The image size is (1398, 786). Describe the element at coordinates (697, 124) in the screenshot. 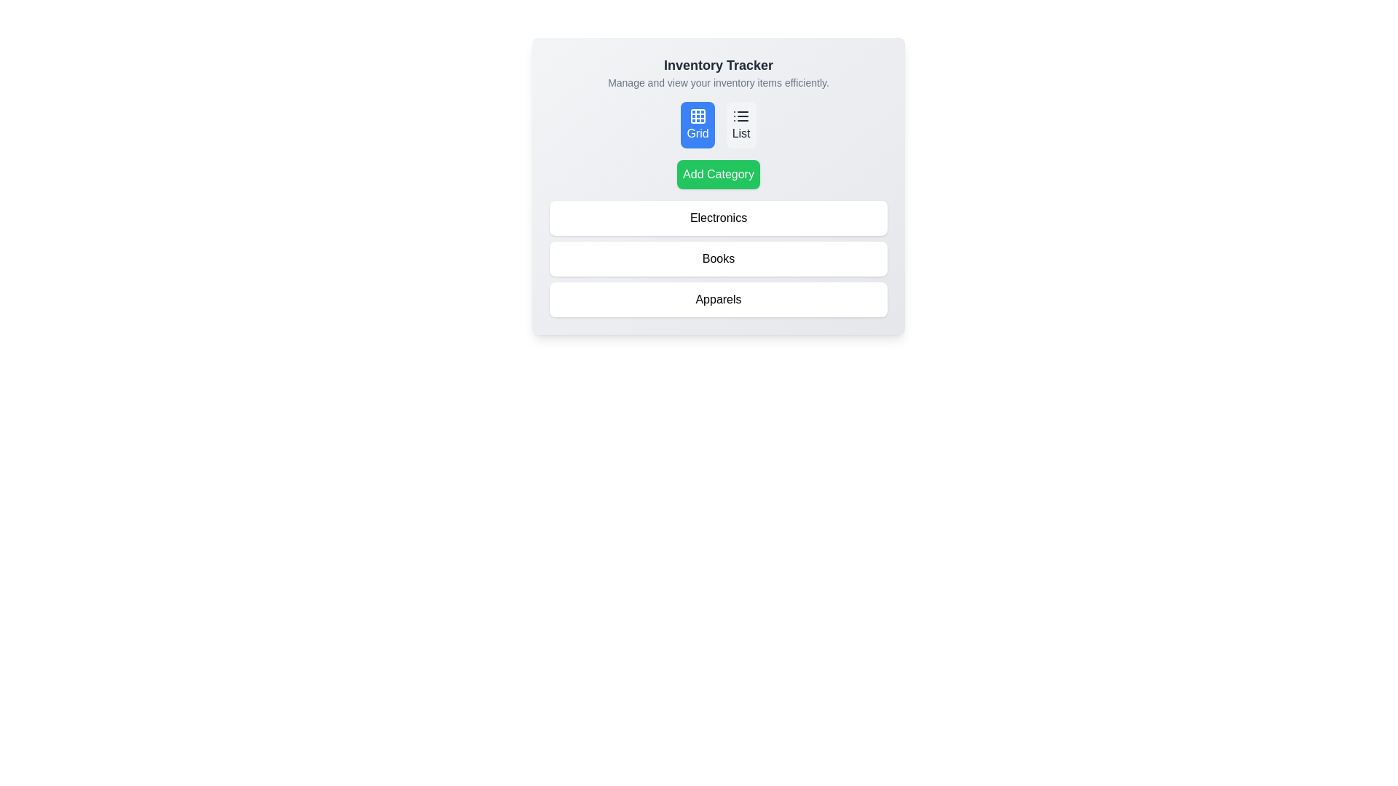

I see `the 'Grid' button which has a blue background and white text` at that location.